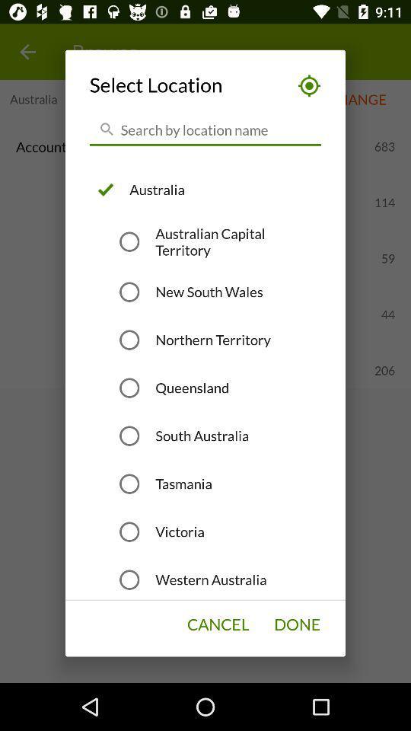 The image size is (411, 731). I want to click on the item to the left of done item, so click(217, 624).